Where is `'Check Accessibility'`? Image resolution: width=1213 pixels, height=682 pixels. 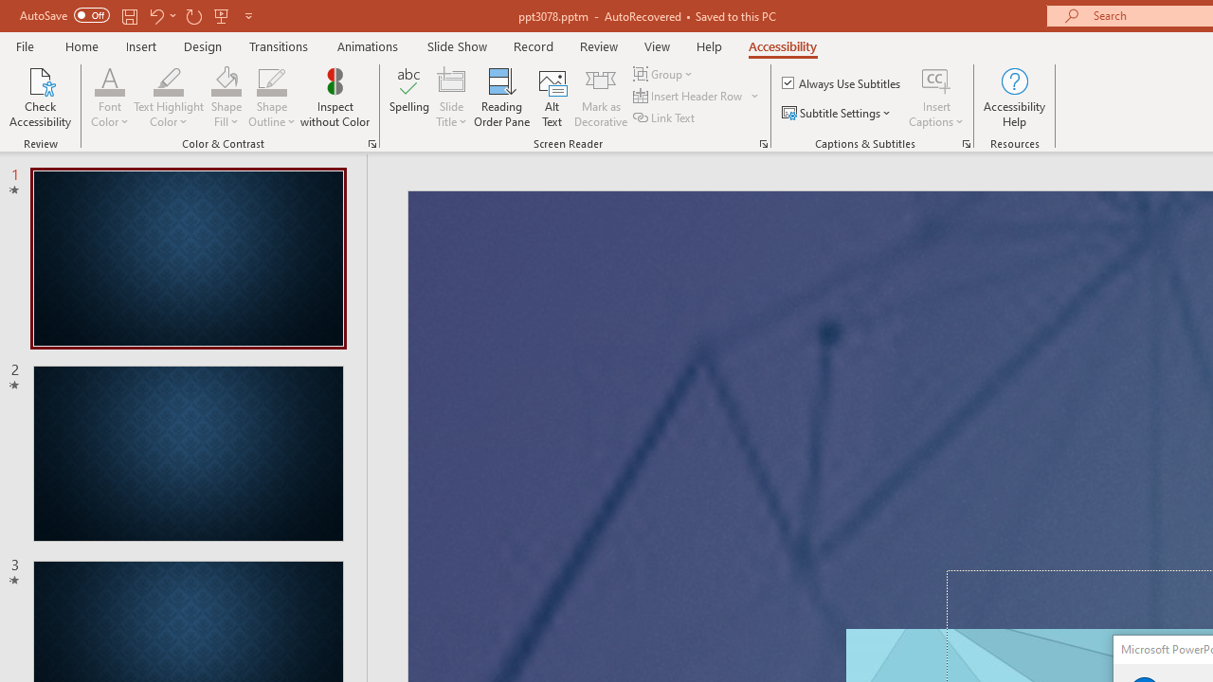
'Check Accessibility' is located at coordinates (40, 98).